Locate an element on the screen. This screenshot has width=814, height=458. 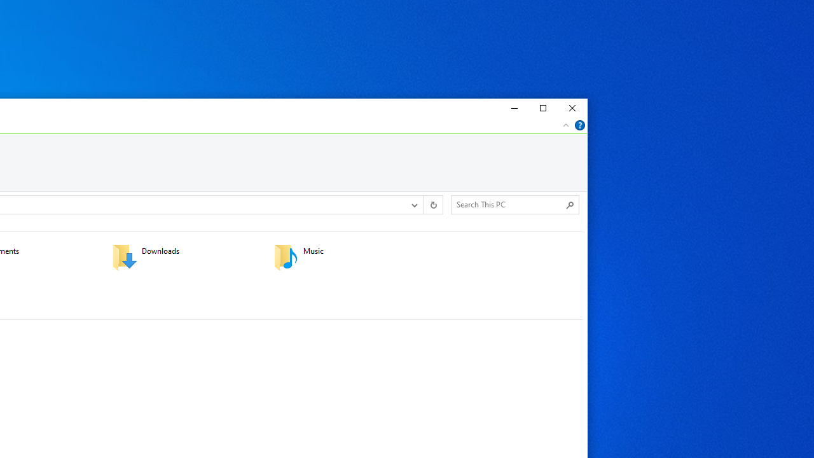
'Maximize' is located at coordinates (542, 108).